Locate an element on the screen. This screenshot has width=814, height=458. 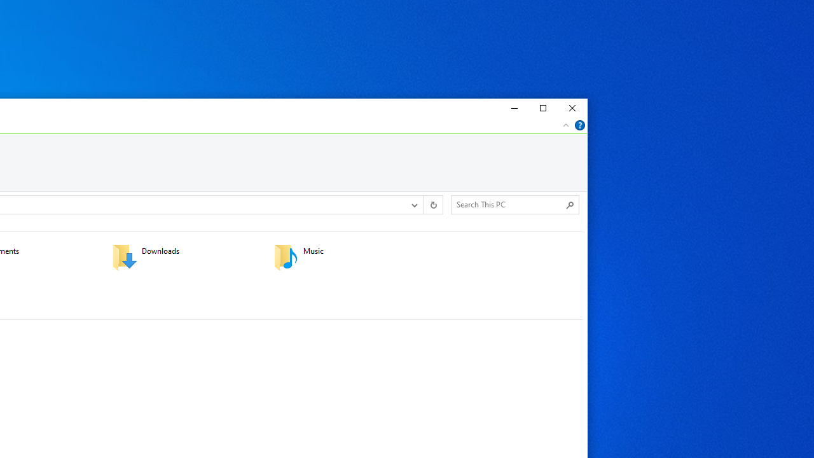
'Maximize' is located at coordinates (542, 108).